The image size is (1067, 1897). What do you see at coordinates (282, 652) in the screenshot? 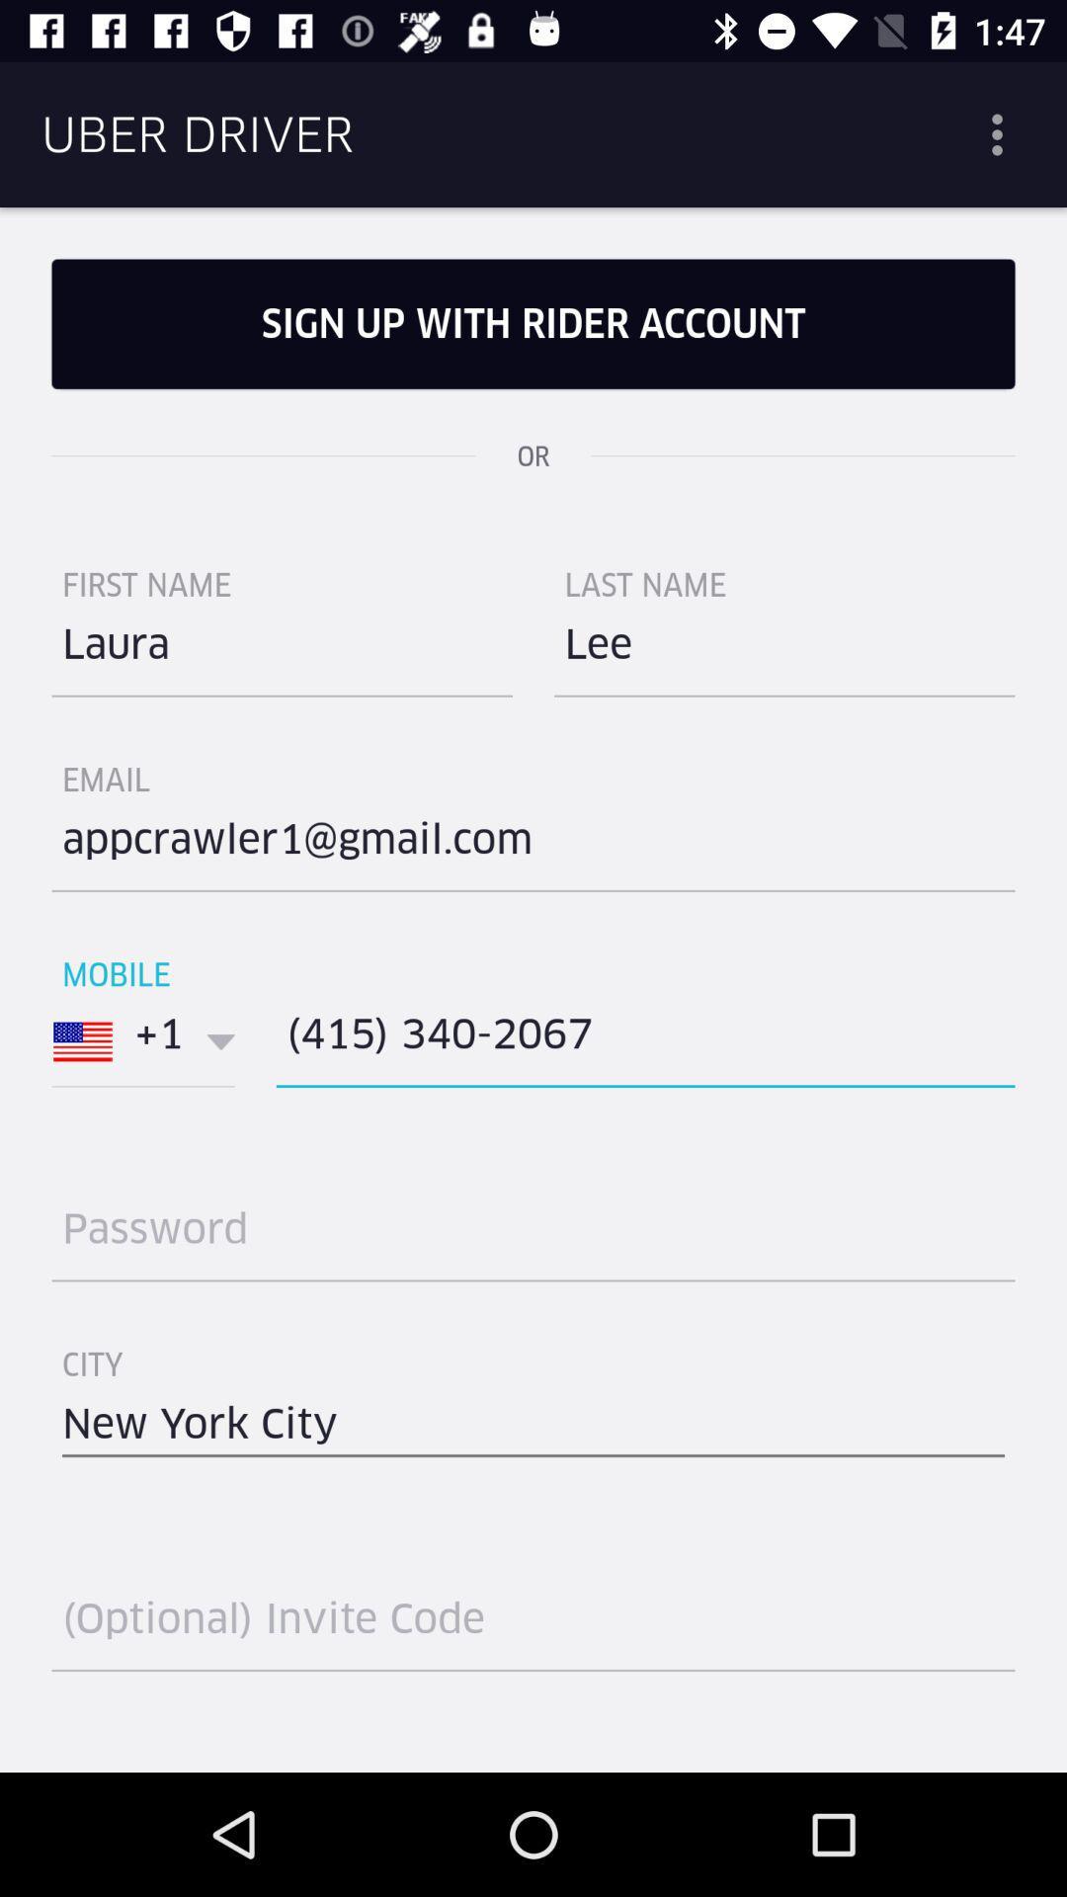
I see `item below the first name item` at bounding box center [282, 652].